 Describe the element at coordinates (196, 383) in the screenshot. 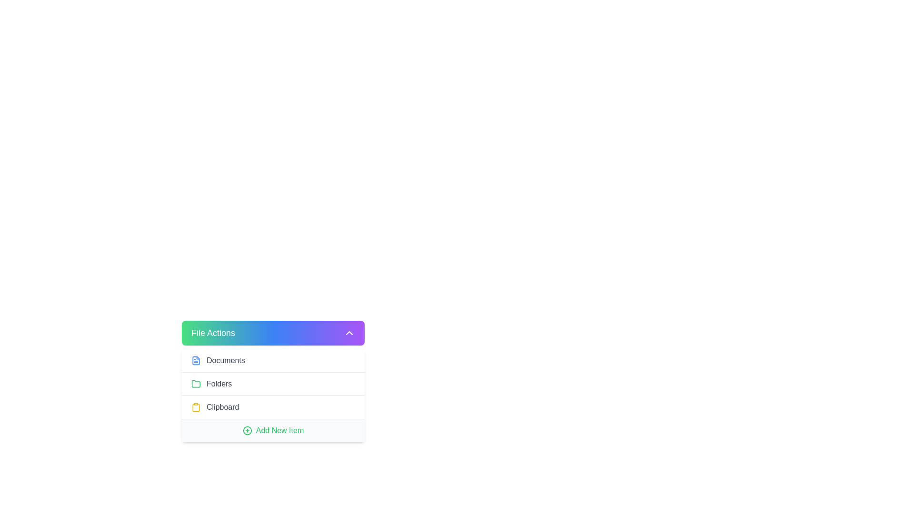

I see `the green folder icon located in the 'Folders' section of the menu, next to the text label 'Folders'` at that location.